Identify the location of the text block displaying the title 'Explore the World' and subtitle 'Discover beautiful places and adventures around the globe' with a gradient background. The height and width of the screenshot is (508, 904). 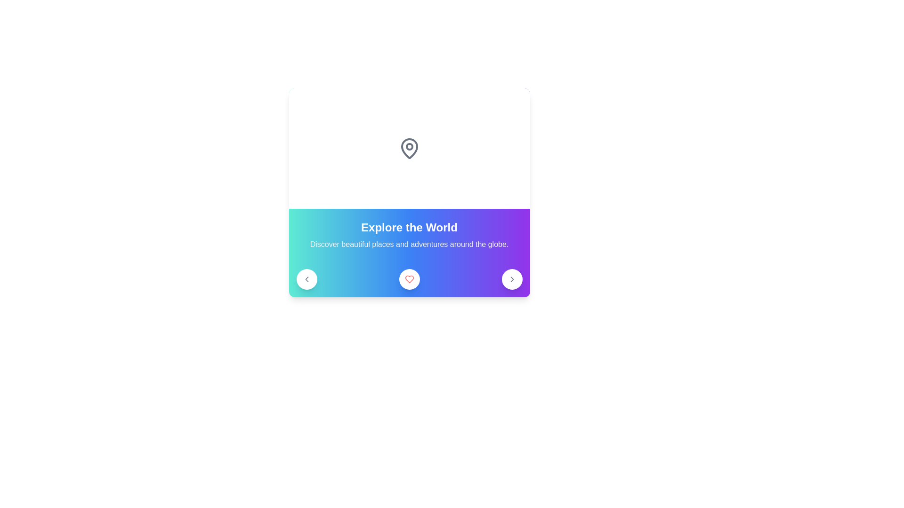
(409, 235).